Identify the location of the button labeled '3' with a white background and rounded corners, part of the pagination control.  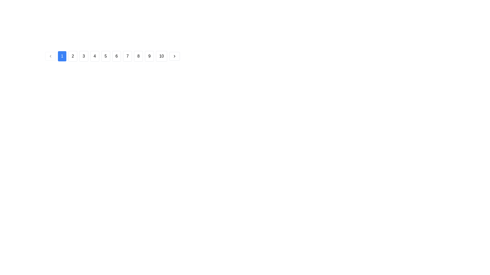
(84, 56).